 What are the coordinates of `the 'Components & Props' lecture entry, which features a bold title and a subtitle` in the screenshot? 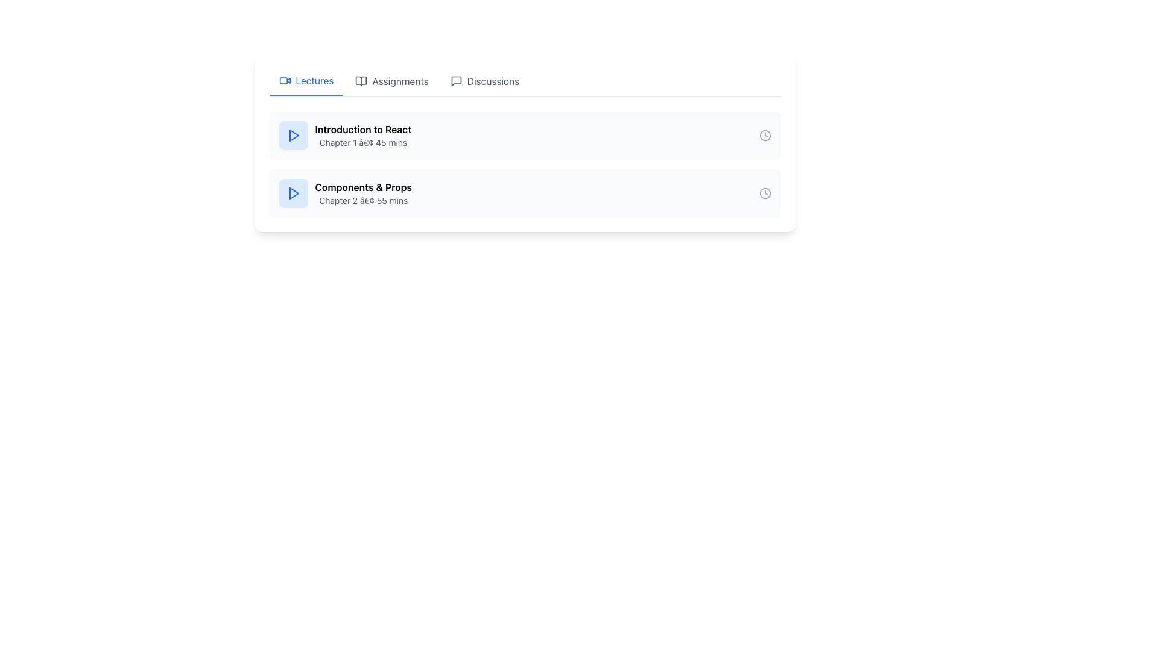 It's located at (362, 192).